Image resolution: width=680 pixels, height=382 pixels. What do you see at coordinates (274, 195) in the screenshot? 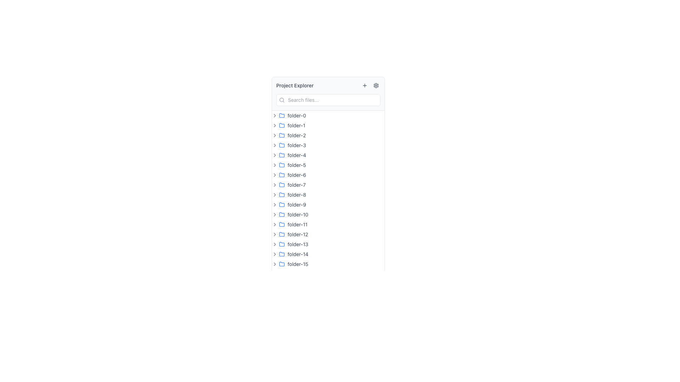
I see `the toggle indicator for the 'folder-8' entry in the list, which is a non-clickable chevron indicating the folder can be expanded or collapsed` at bounding box center [274, 195].